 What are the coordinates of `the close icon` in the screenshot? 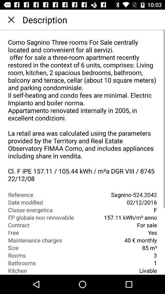 It's located at (11, 20).